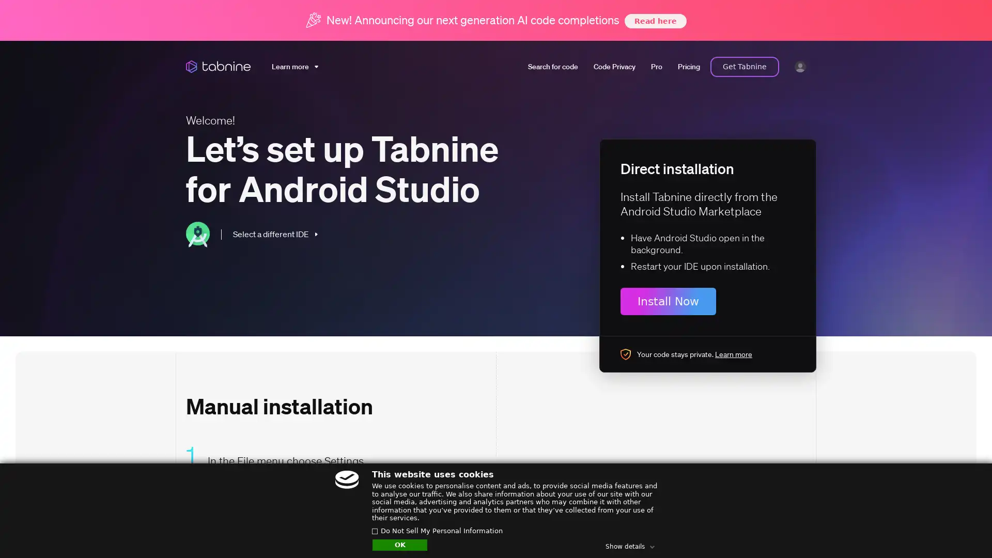 The width and height of the screenshot is (992, 558). What do you see at coordinates (668, 301) in the screenshot?
I see `Install Now` at bounding box center [668, 301].